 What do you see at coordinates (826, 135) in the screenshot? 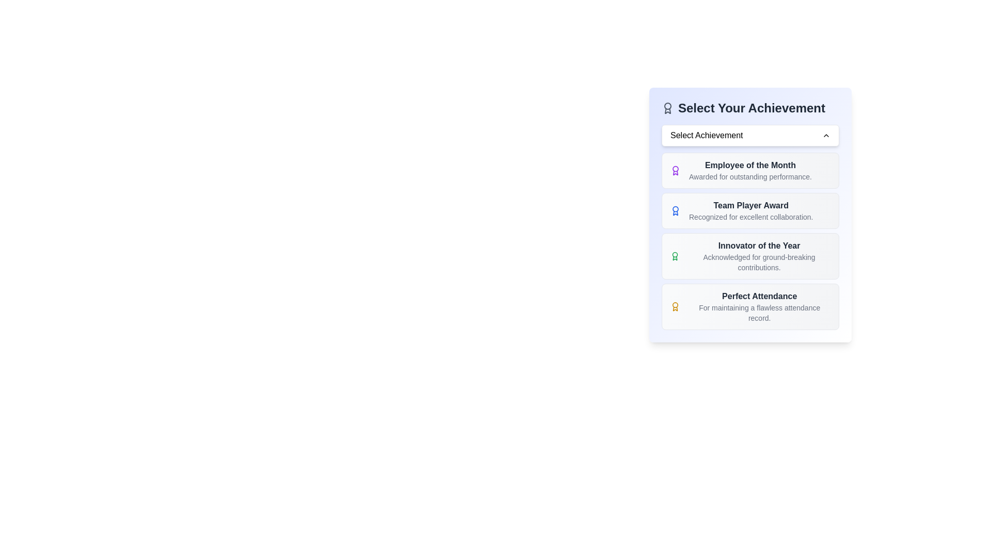
I see `the dropdown menu expansion icon located to the far right of the 'Select Achievement' bar for visual feedback` at bounding box center [826, 135].